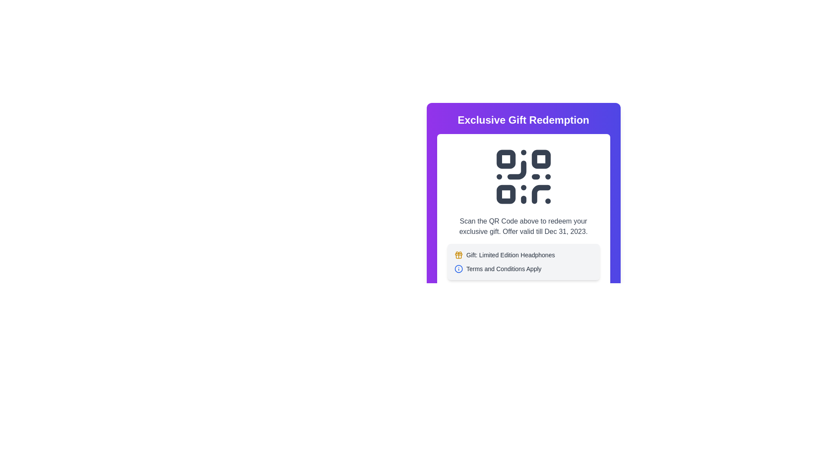  I want to click on informative text label with the blue circular icon containing an 'i' and the text 'Terms and Conditions Apply', which is located below the 'Gift: Limited Edition Headphones' section, so click(523, 268).